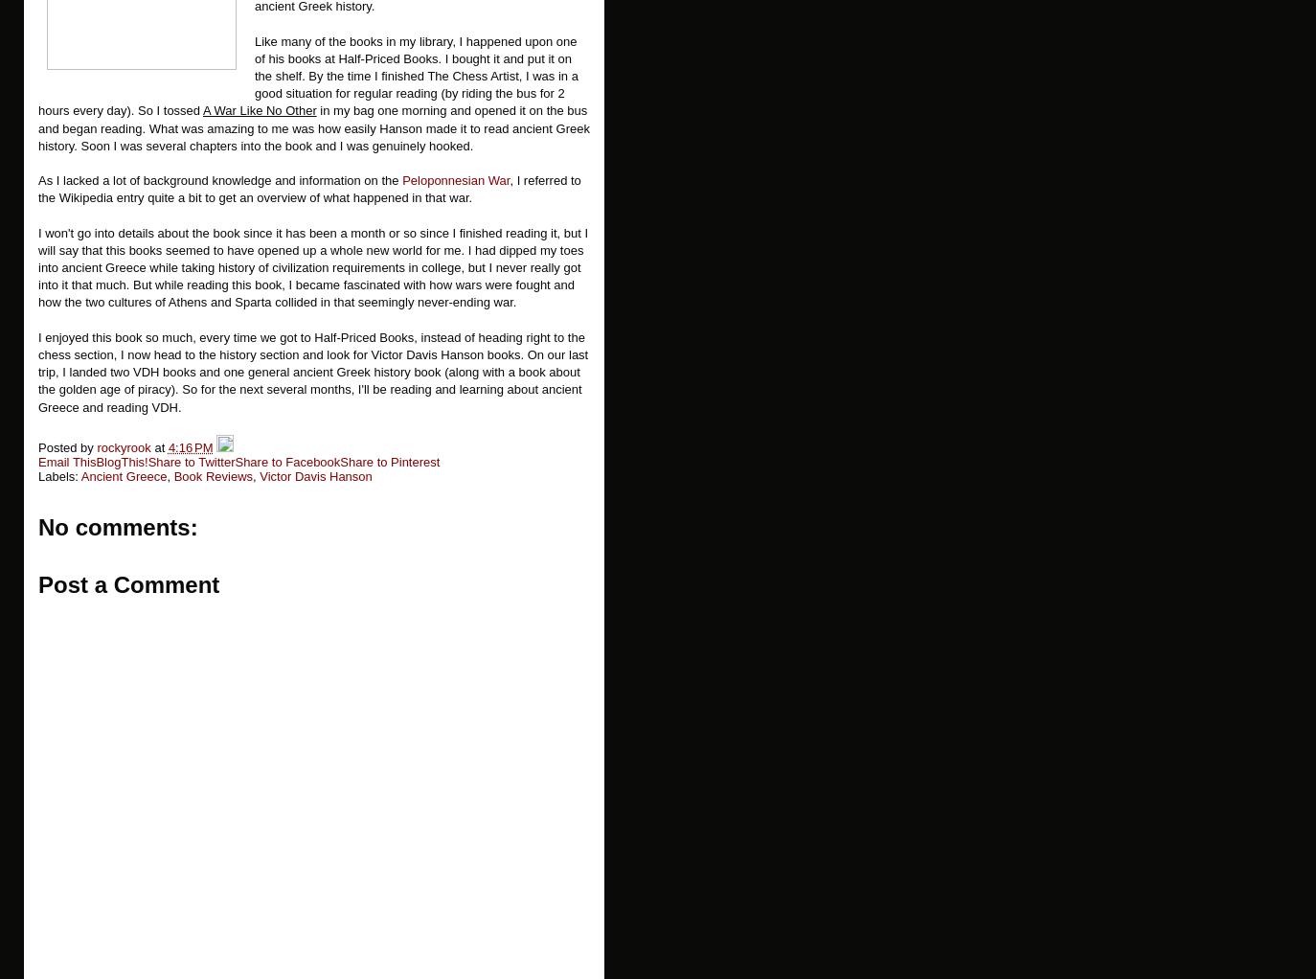 This screenshot has height=979, width=1316. Describe the element at coordinates (116, 527) in the screenshot. I see `'No comments:'` at that location.